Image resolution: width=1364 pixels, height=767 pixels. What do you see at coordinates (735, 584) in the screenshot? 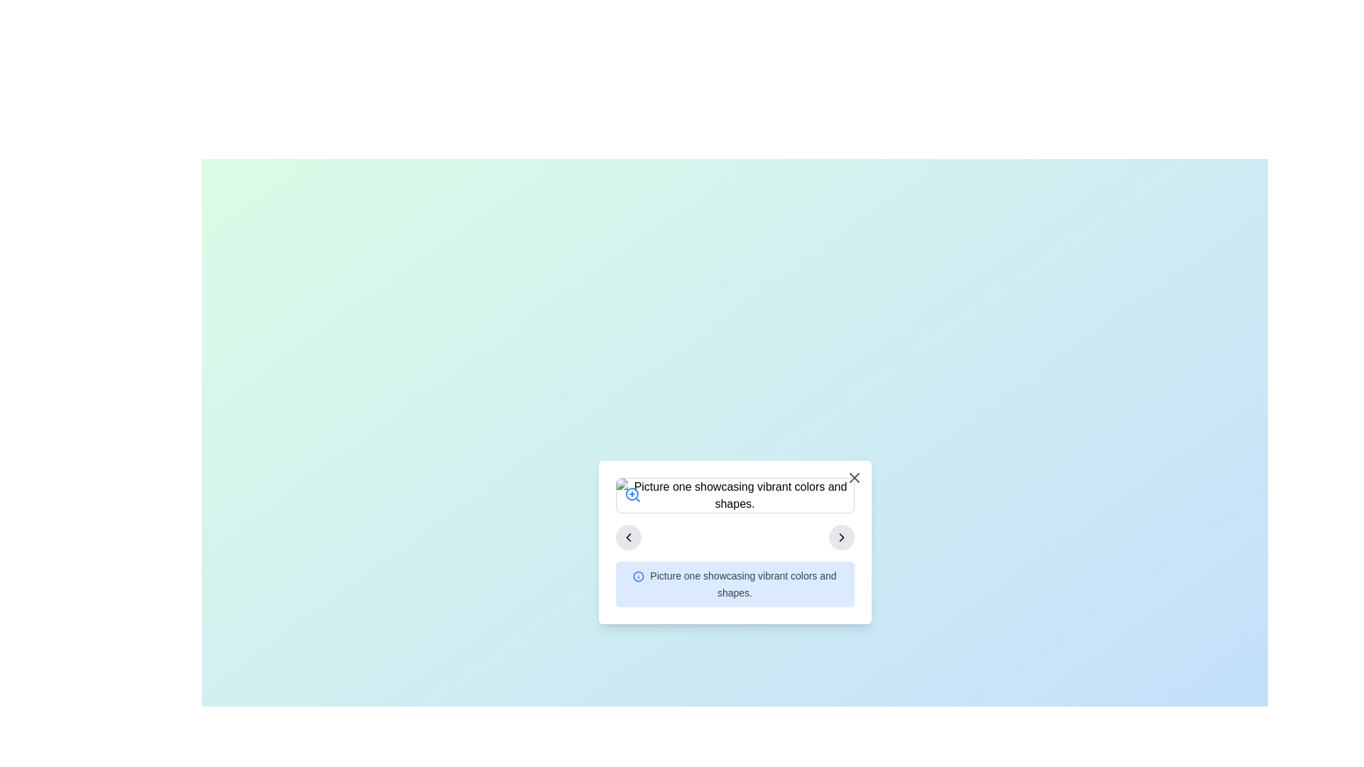
I see `the Text informational banner with a light blue background that contains the description 'Picture one showcasing vibrant colors and shapes.' and an 'info' icon` at bounding box center [735, 584].